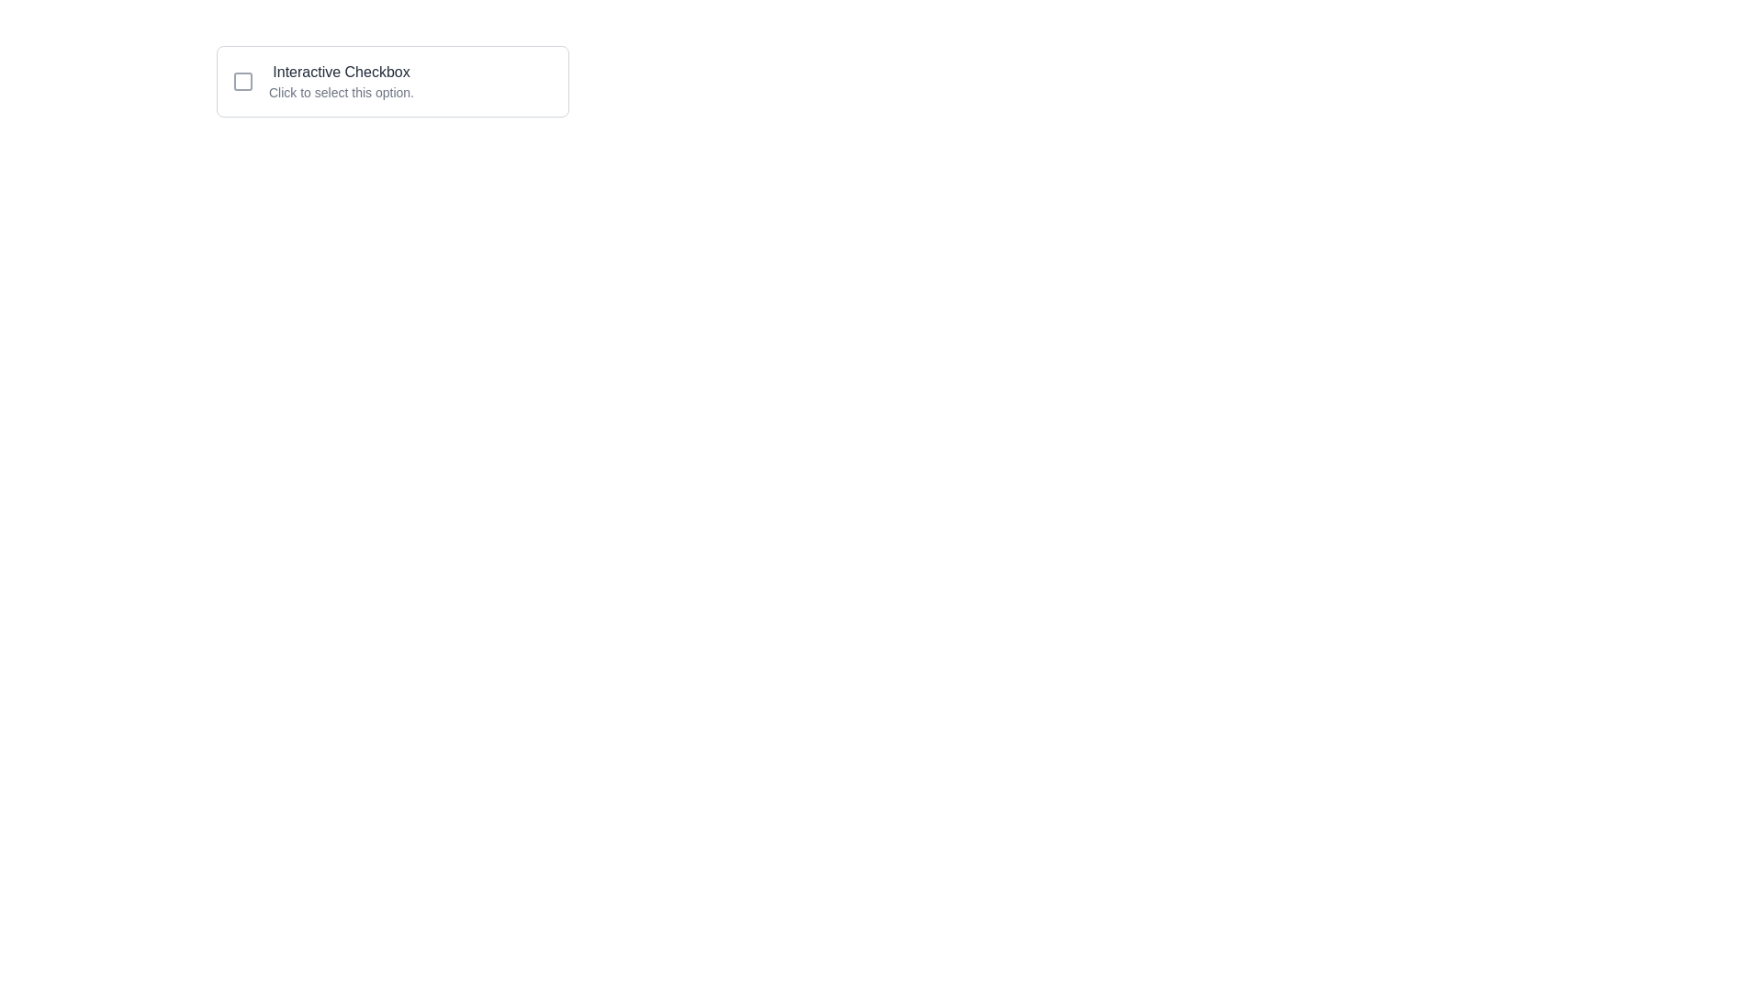 The image size is (1763, 992). What do you see at coordinates (241, 80) in the screenshot?
I see `the checkbox icon located to the left of the text 'Interactive Checkbox'` at bounding box center [241, 80].